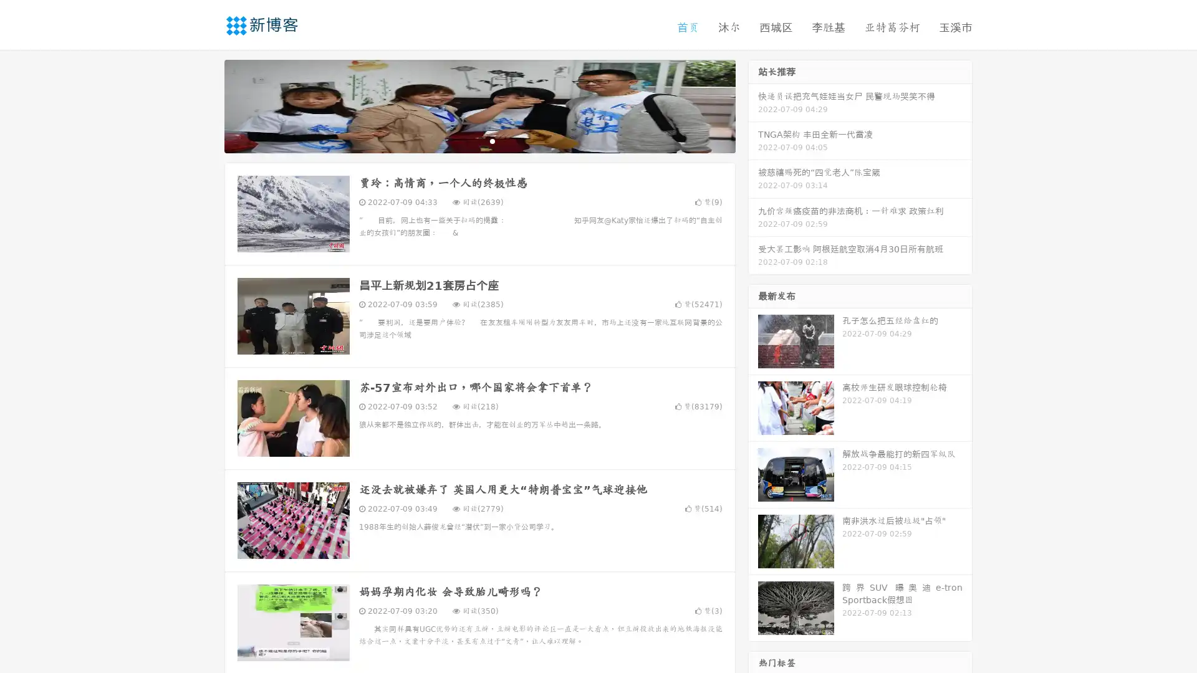  What do you see at coordinates (206, 105) in the screenshot?
I see `Previous slide` at bounding box center [206, 105].